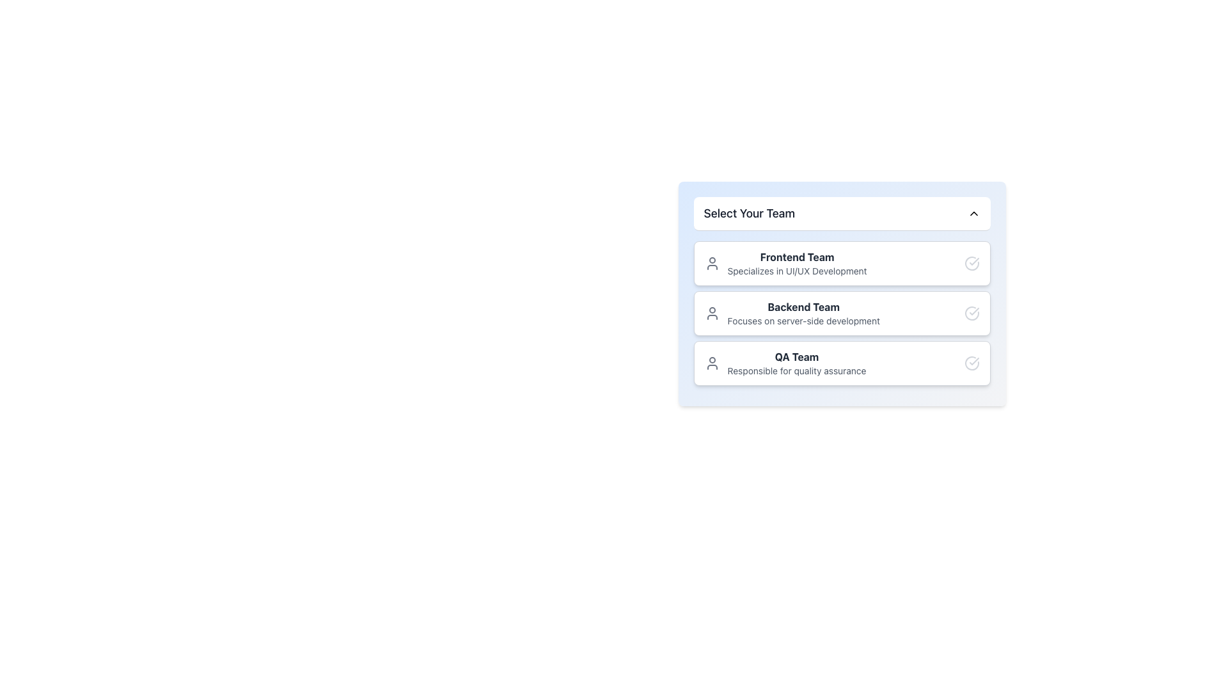 This screenshot has width=1228, height=691. What do you see at coordinates (796, 357) in the screenshot?
I see `the bold text label 'QA Team' located in the third card of the team representations list, which is styled with a bolder font weight and colored dark gray` at bounding box center [796, 357].